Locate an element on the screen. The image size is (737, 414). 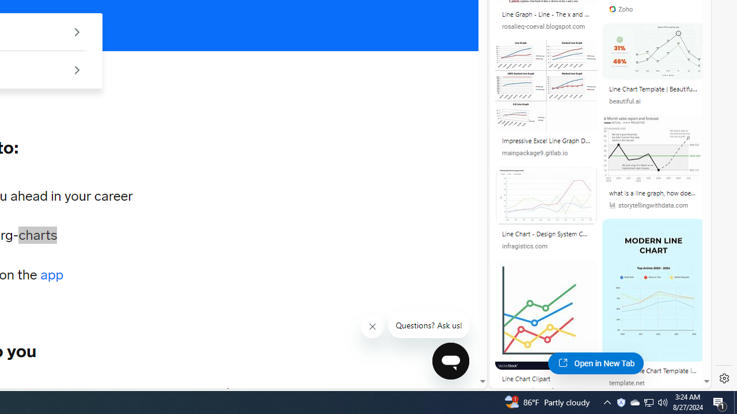
'Class: sc-1uf0igr-1 fjHZYk' is located at coordinates (373, 327).